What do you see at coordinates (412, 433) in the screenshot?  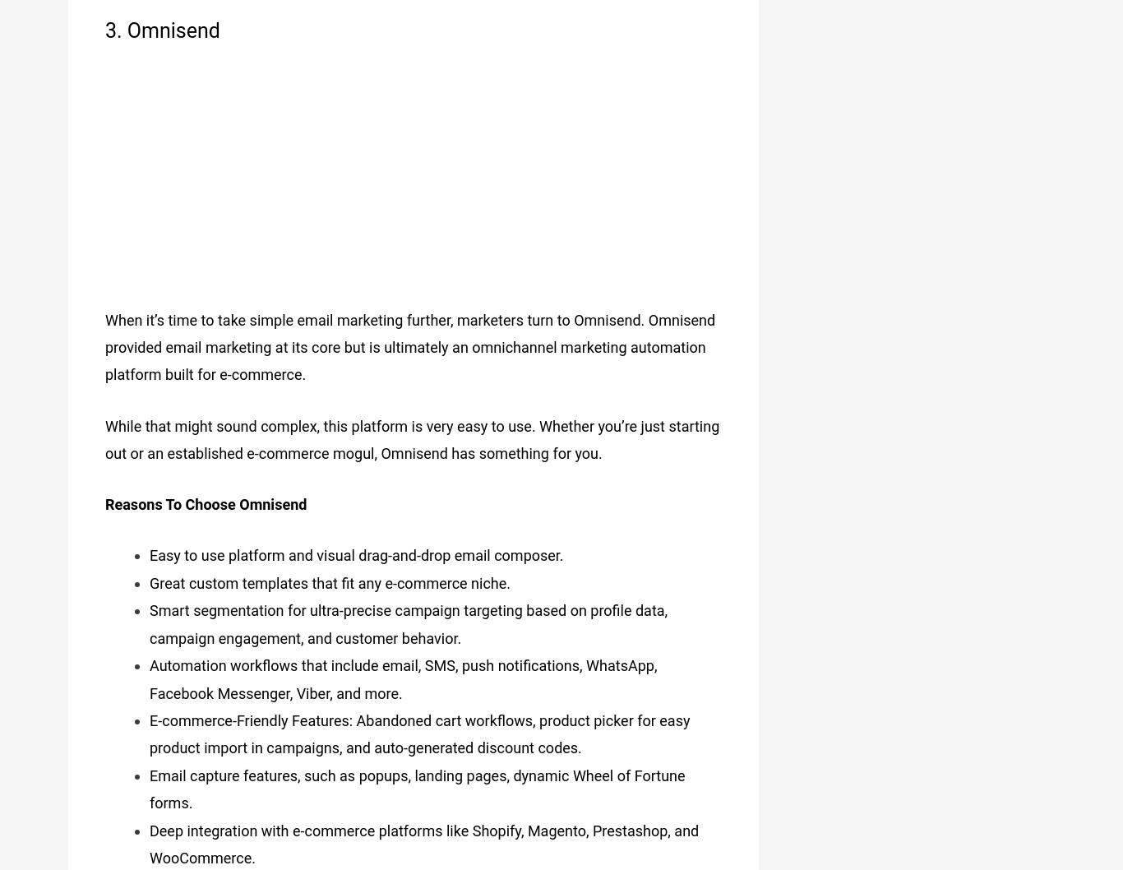 I see `'While that might sound complex, this platform is very easy to use. Whether you’re just starting out or an established e-commerce mogul, Omnisend has something for you.'` at bounding box center [412, 433].